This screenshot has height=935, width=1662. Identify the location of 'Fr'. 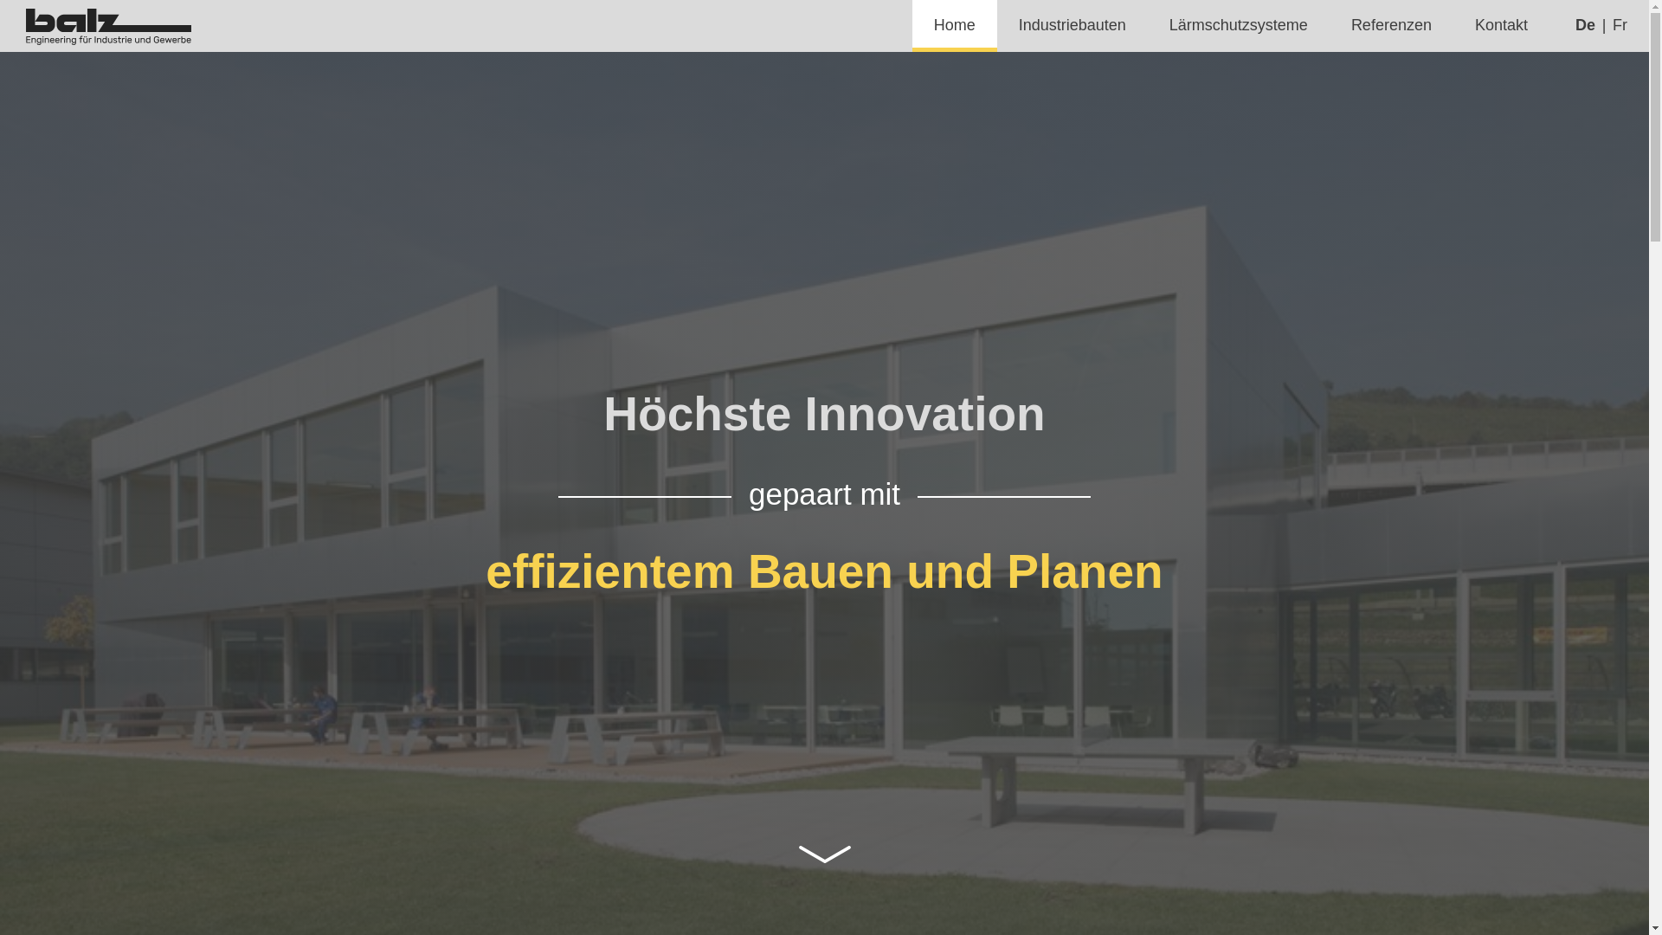
(1602, 26).